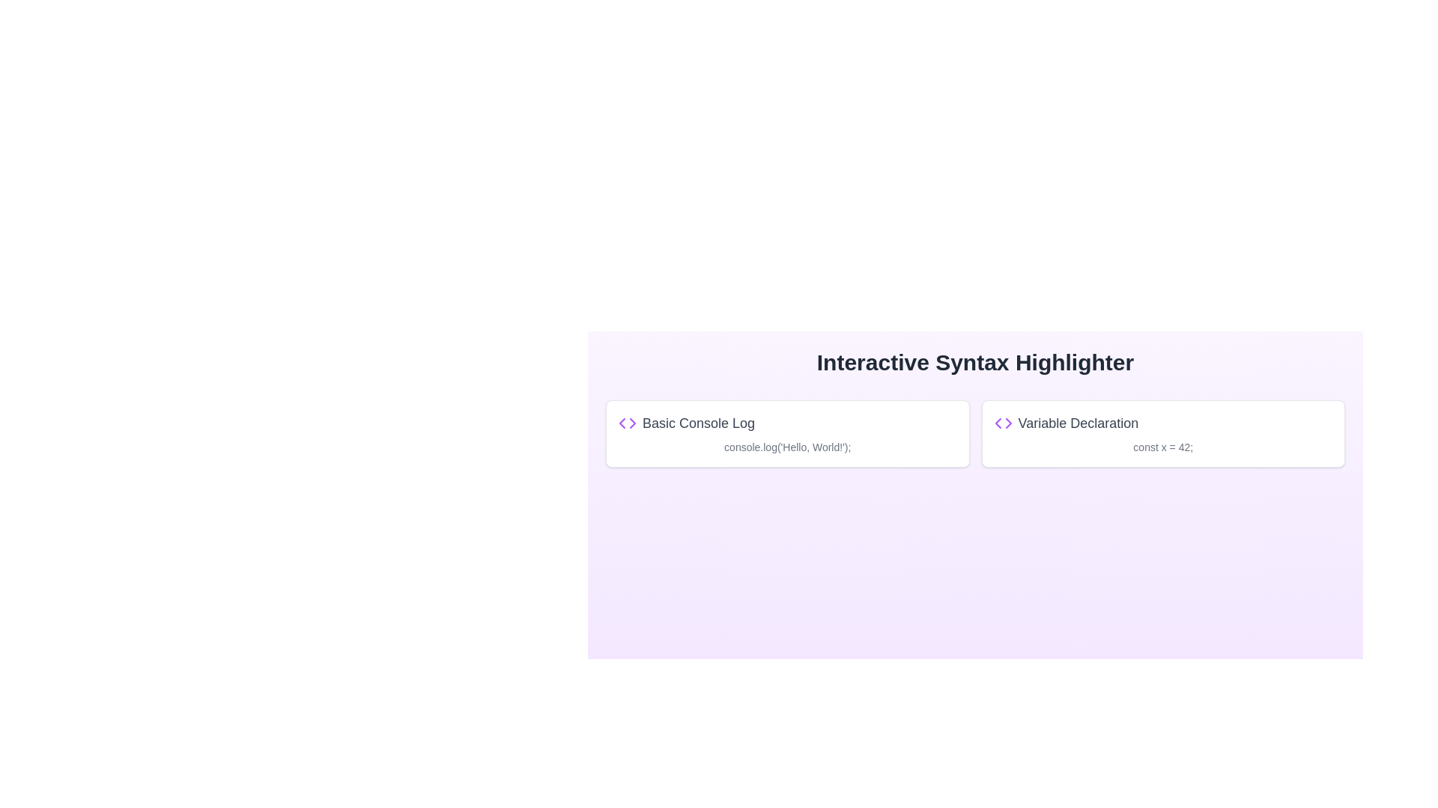 This screenshot has width=1438, height=808. What do you see at coordinates (786, 446) in the screenshot?
I see `the JavaScript code snippet element that is located beneath the 'Basic Console Log' title and adjacent to the purple coding icon in the left card` at bounding box center [786, 446].